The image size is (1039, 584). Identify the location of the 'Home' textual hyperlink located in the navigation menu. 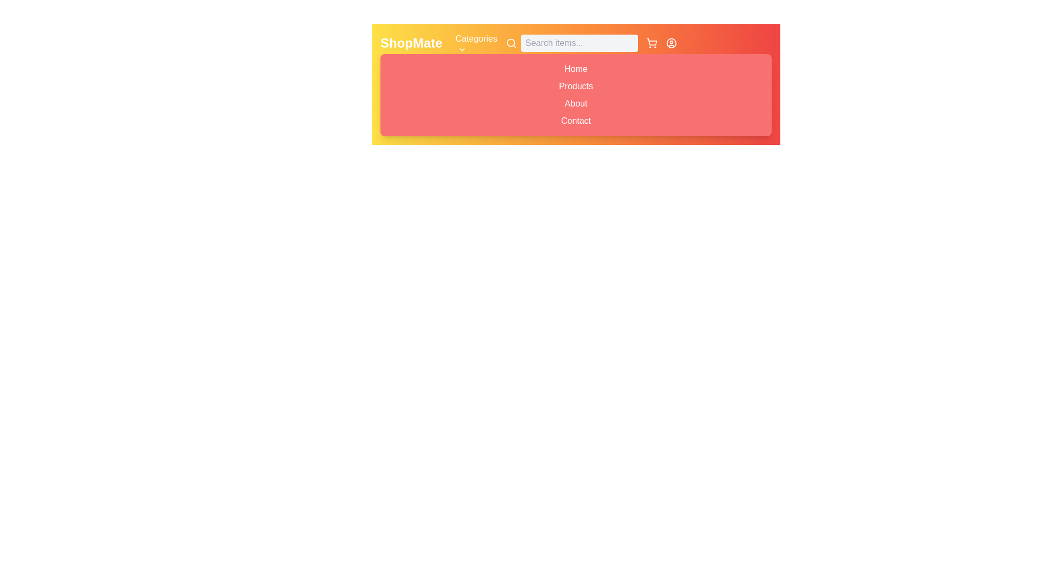
(575, 69).